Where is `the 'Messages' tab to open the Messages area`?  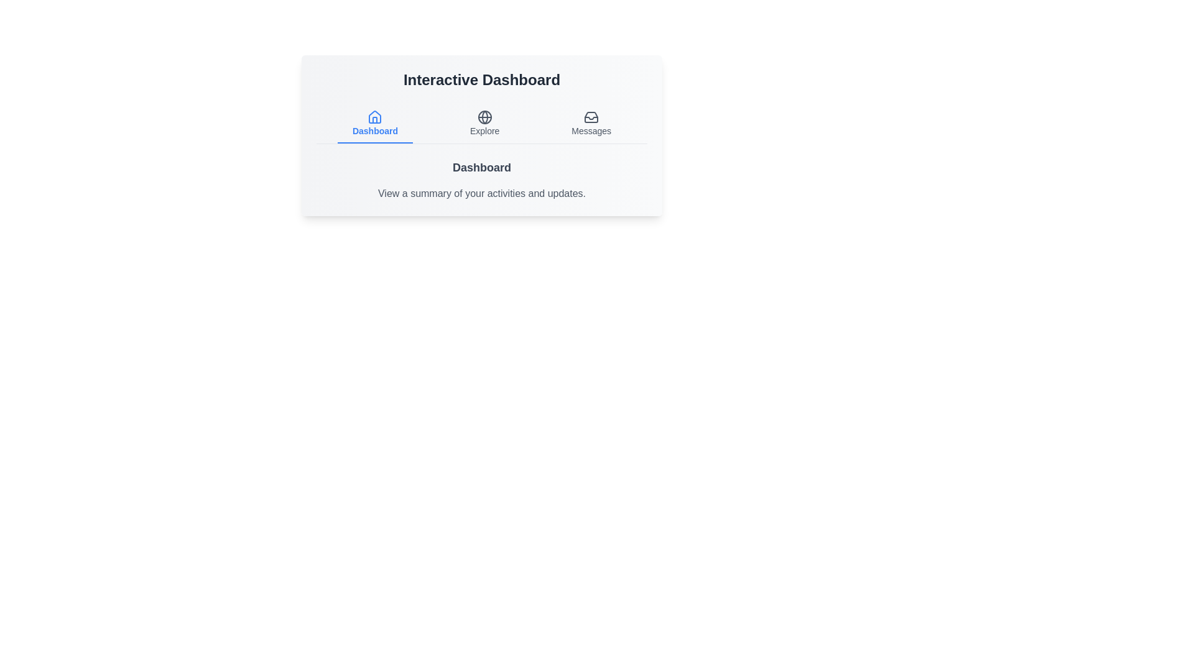
the 'Messages' tab to open the Messages area is located at coordinates (590, 124).